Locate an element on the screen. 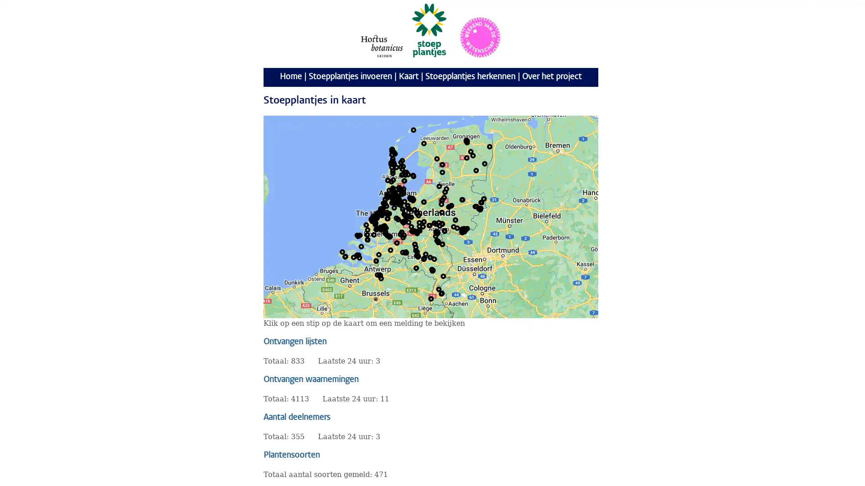 The height and width of the screenshot is (486, 865). Telling van Ton Frenken op 18 april 2022 is located at coordinates (432, 270).